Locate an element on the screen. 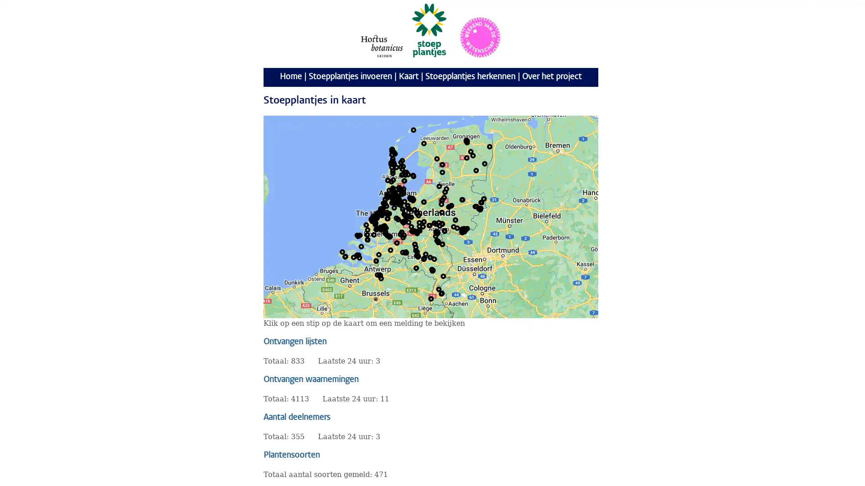 The height and width of the screenshot is (486, 865). Telling van Ton Frenken op 18 april 2022 is located at coordinates (432, 270).